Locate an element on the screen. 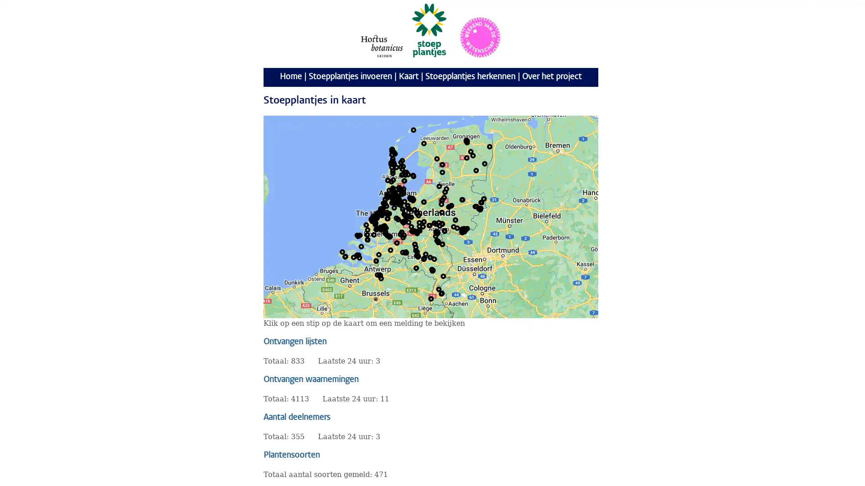 The height and width of the screenshot is (486, 865). Telling van Ton Frenken op 18 april 2022 is located at coordinates (432, 270).